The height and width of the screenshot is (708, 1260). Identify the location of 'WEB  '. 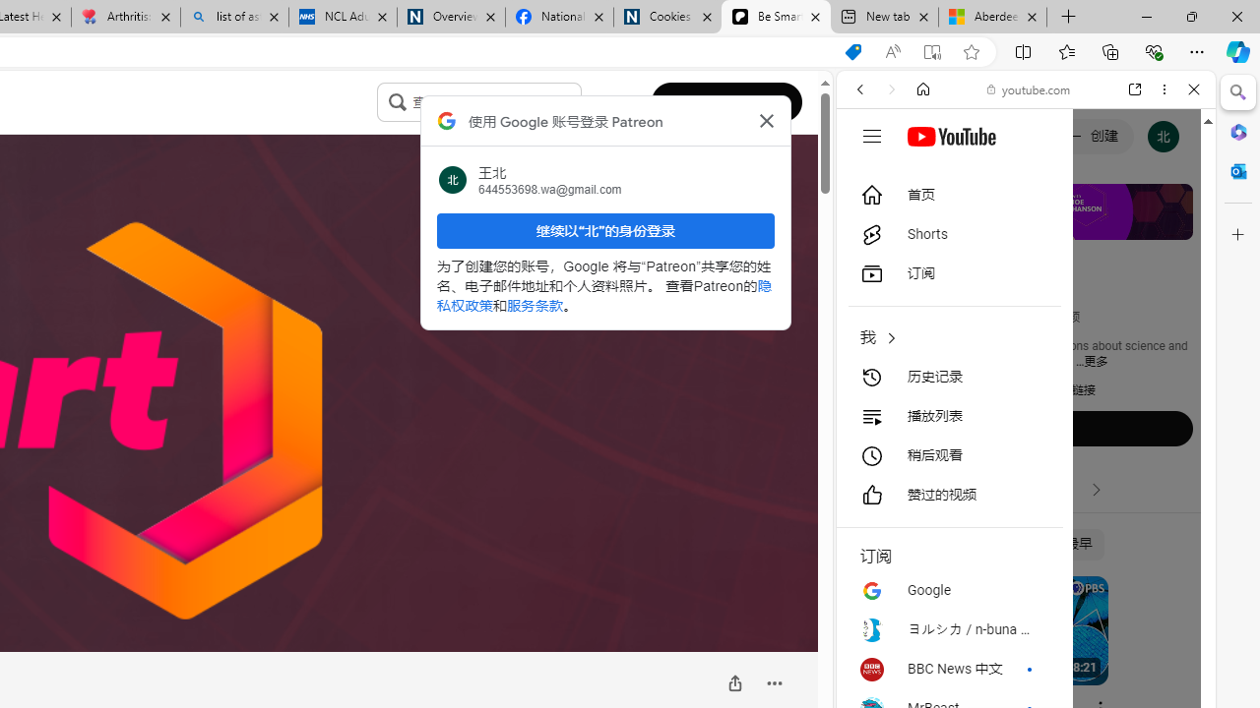
(867, 223).